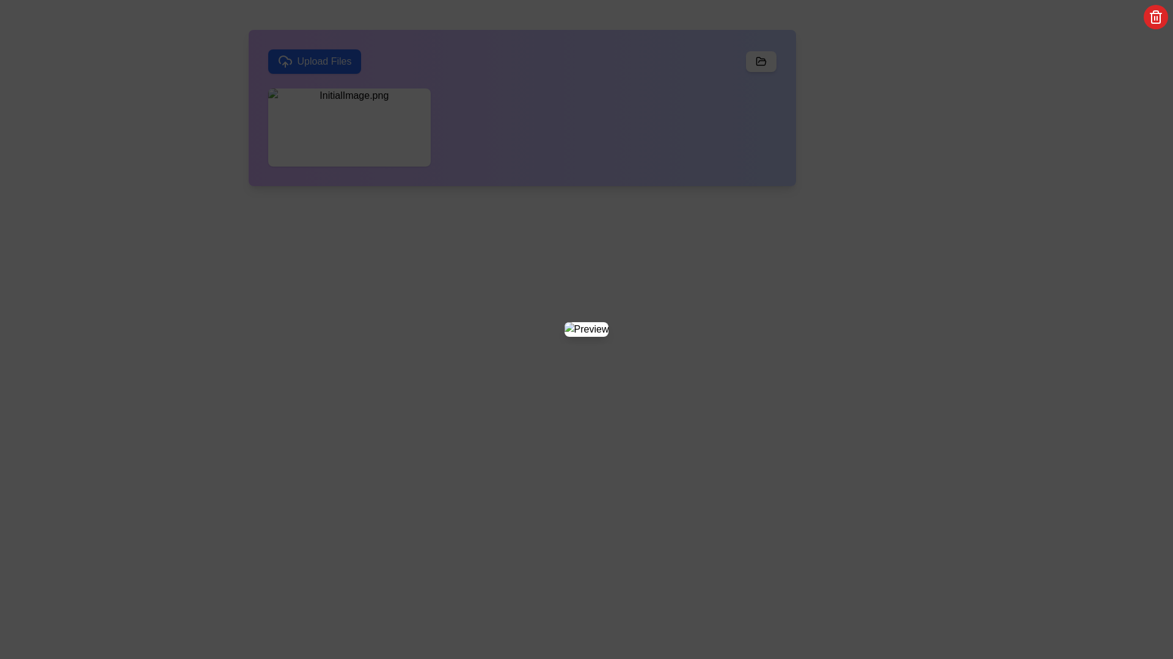  What do you see at coordinates (284, 61) in the screenshot?
I see `the upload icon located on the left side of the 'Upload Files' button, which has a blue background and white text` at bounding box center [284, 61].